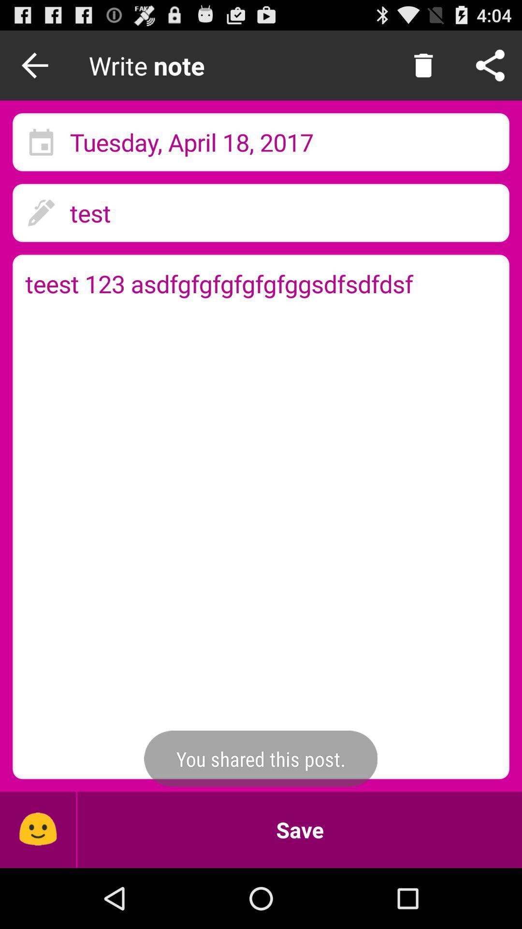 Image resolution: width=522 pixels, height=929 pixels. I want to click on the share icon, so click(490, 69).